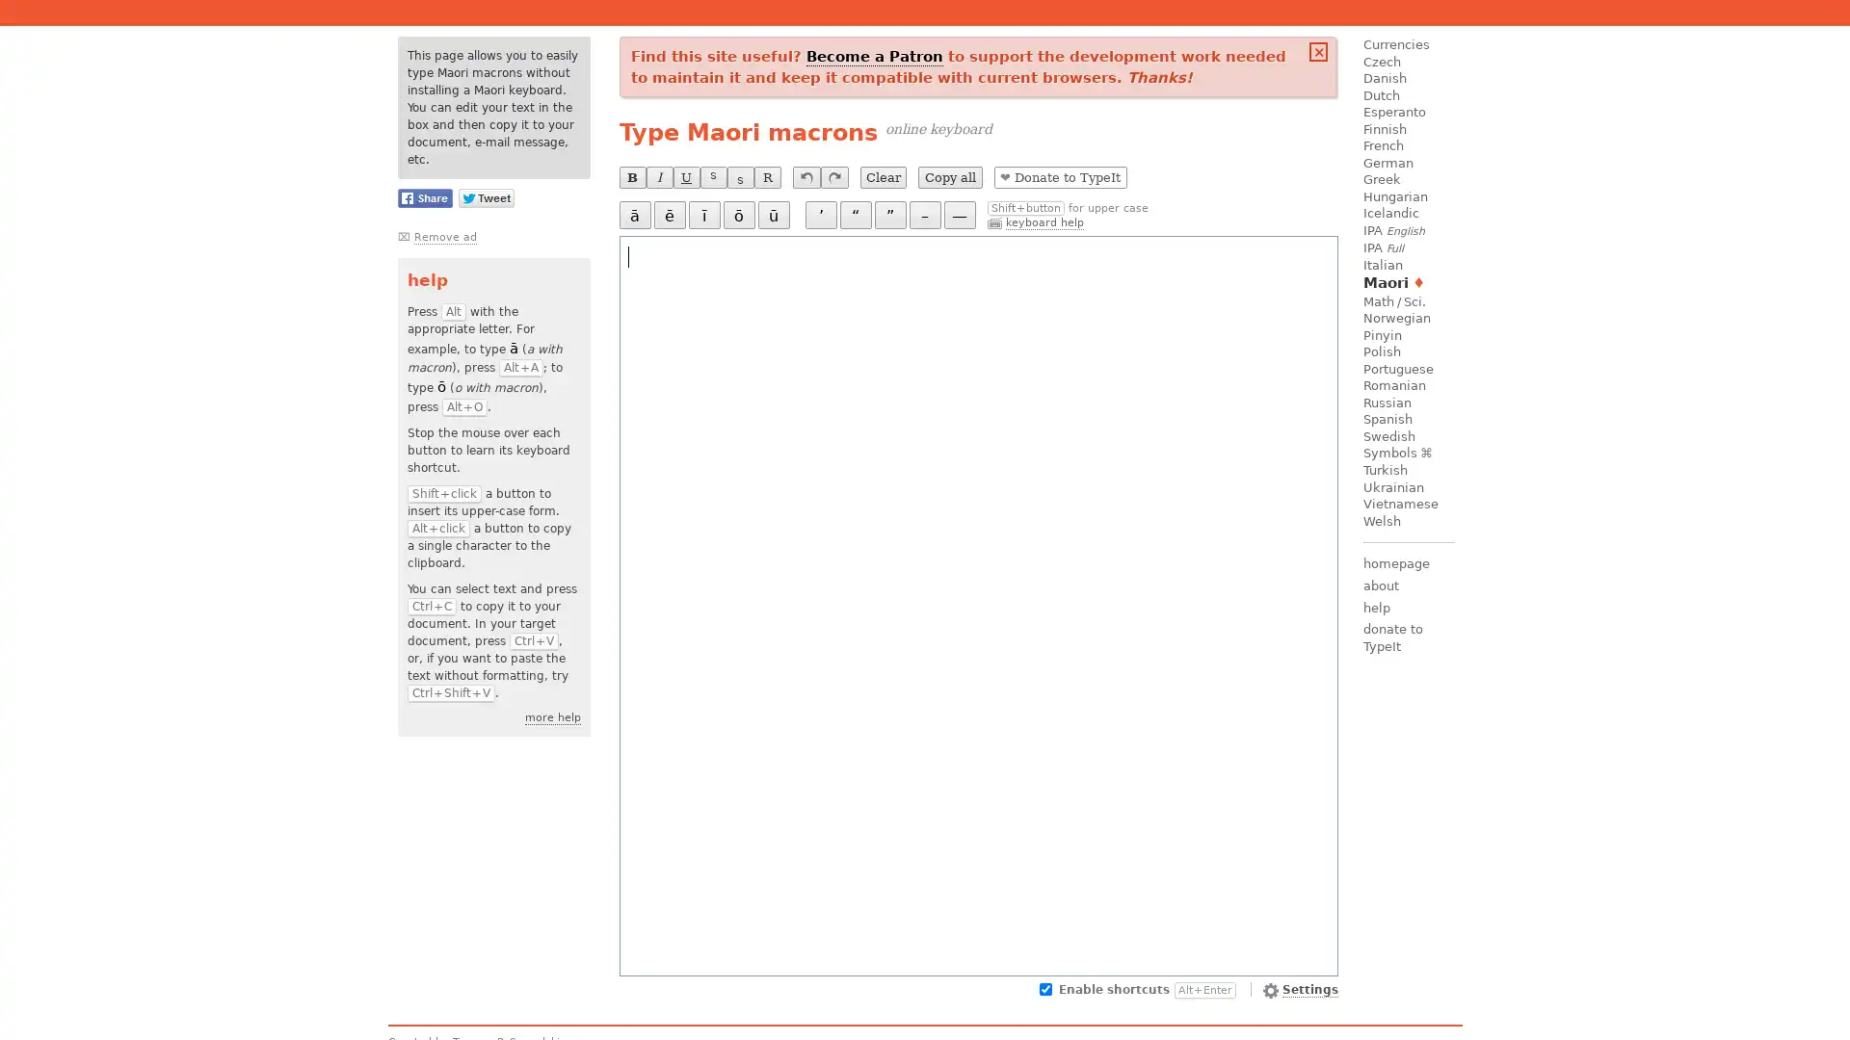  I want to click on Clear, so click(882, 177).